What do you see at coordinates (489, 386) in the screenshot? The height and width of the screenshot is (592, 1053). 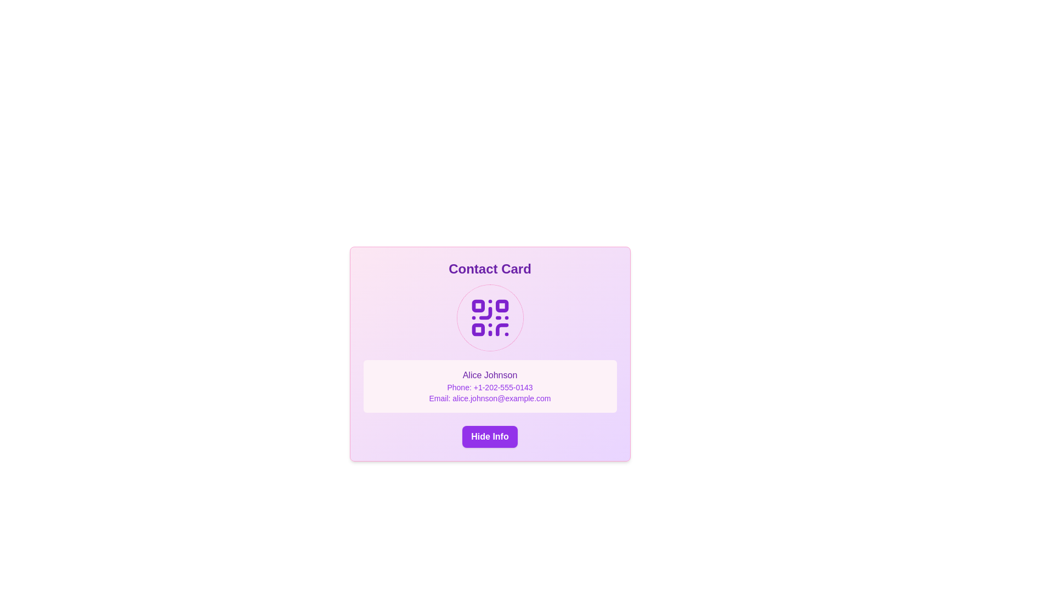 I see `the Information display section, which is a pink, rounded rectangle containing the name 'Alice Johnson' in bold purple font, positioned below a QR code and above the 'Hide Info' button` at bounding box center [489, 386].